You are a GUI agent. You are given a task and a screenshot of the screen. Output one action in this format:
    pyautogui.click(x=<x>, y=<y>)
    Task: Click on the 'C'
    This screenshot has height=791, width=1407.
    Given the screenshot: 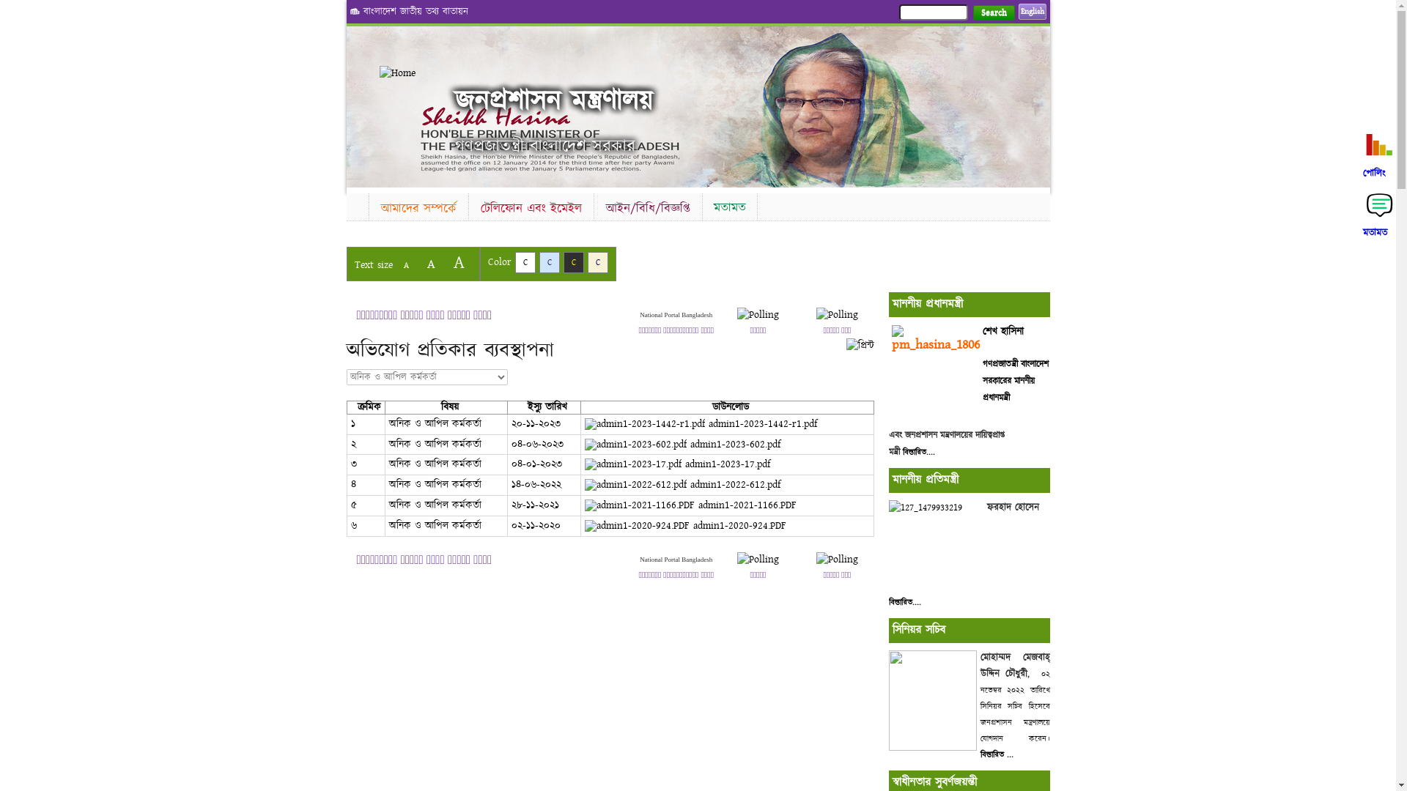 What is the action you would take?
    pyautogui.click(x=548, y=261)
    